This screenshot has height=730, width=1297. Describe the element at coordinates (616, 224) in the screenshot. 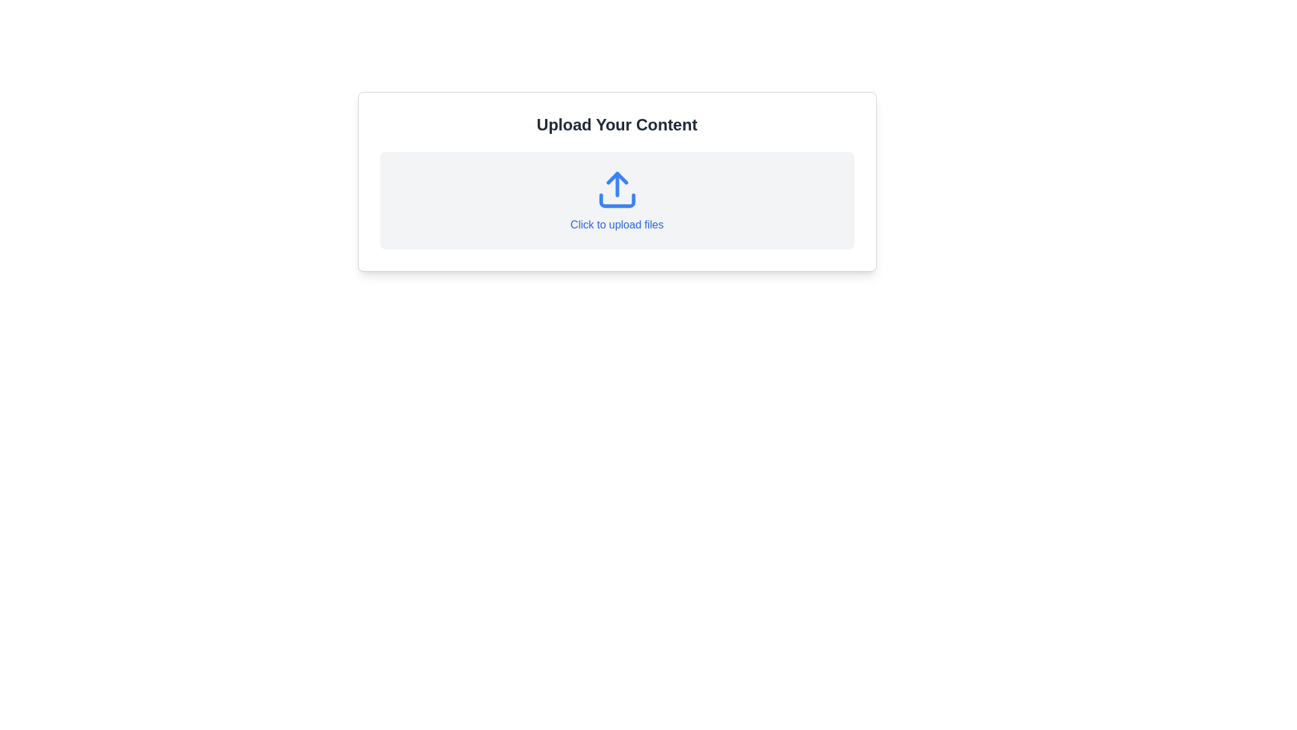

I see `the text label element styled in blue with the text 'Click to upload files', positioned beneath the upload icon within the bordered upload section` at that location.